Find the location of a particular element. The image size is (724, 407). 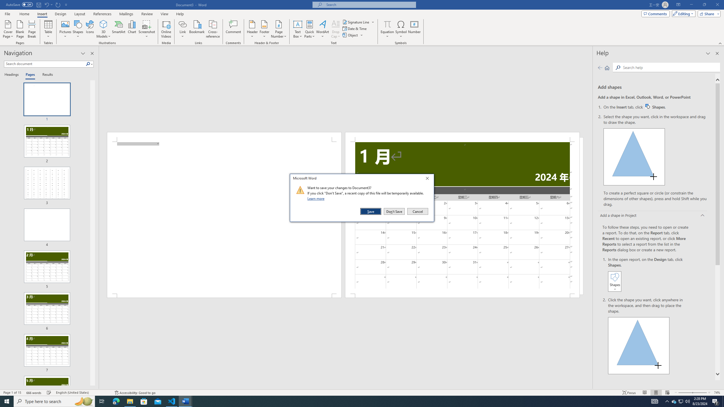

'Text Box' is located at coordinates (298, 29).